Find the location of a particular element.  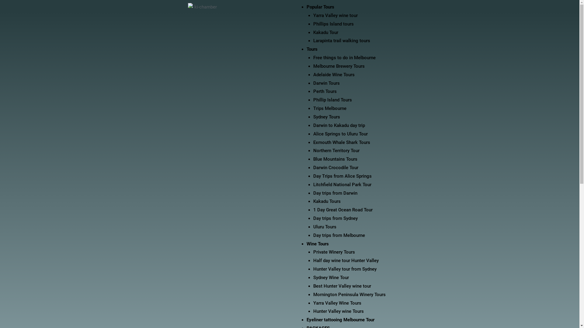

'Adelaide Wine Tours' is located at coordinates (334, 74).